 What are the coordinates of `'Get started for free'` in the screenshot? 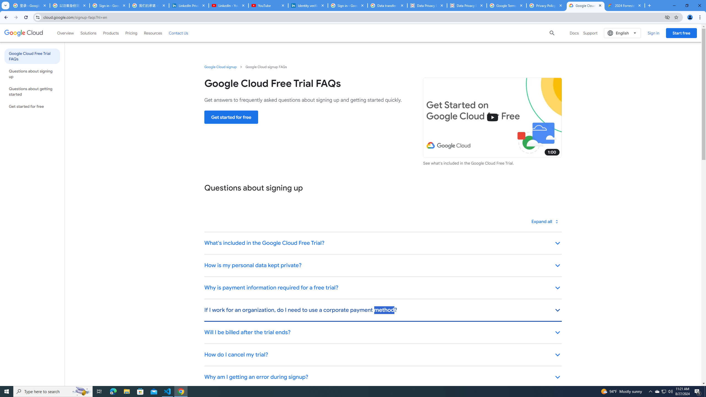 It's located at (231, 117).